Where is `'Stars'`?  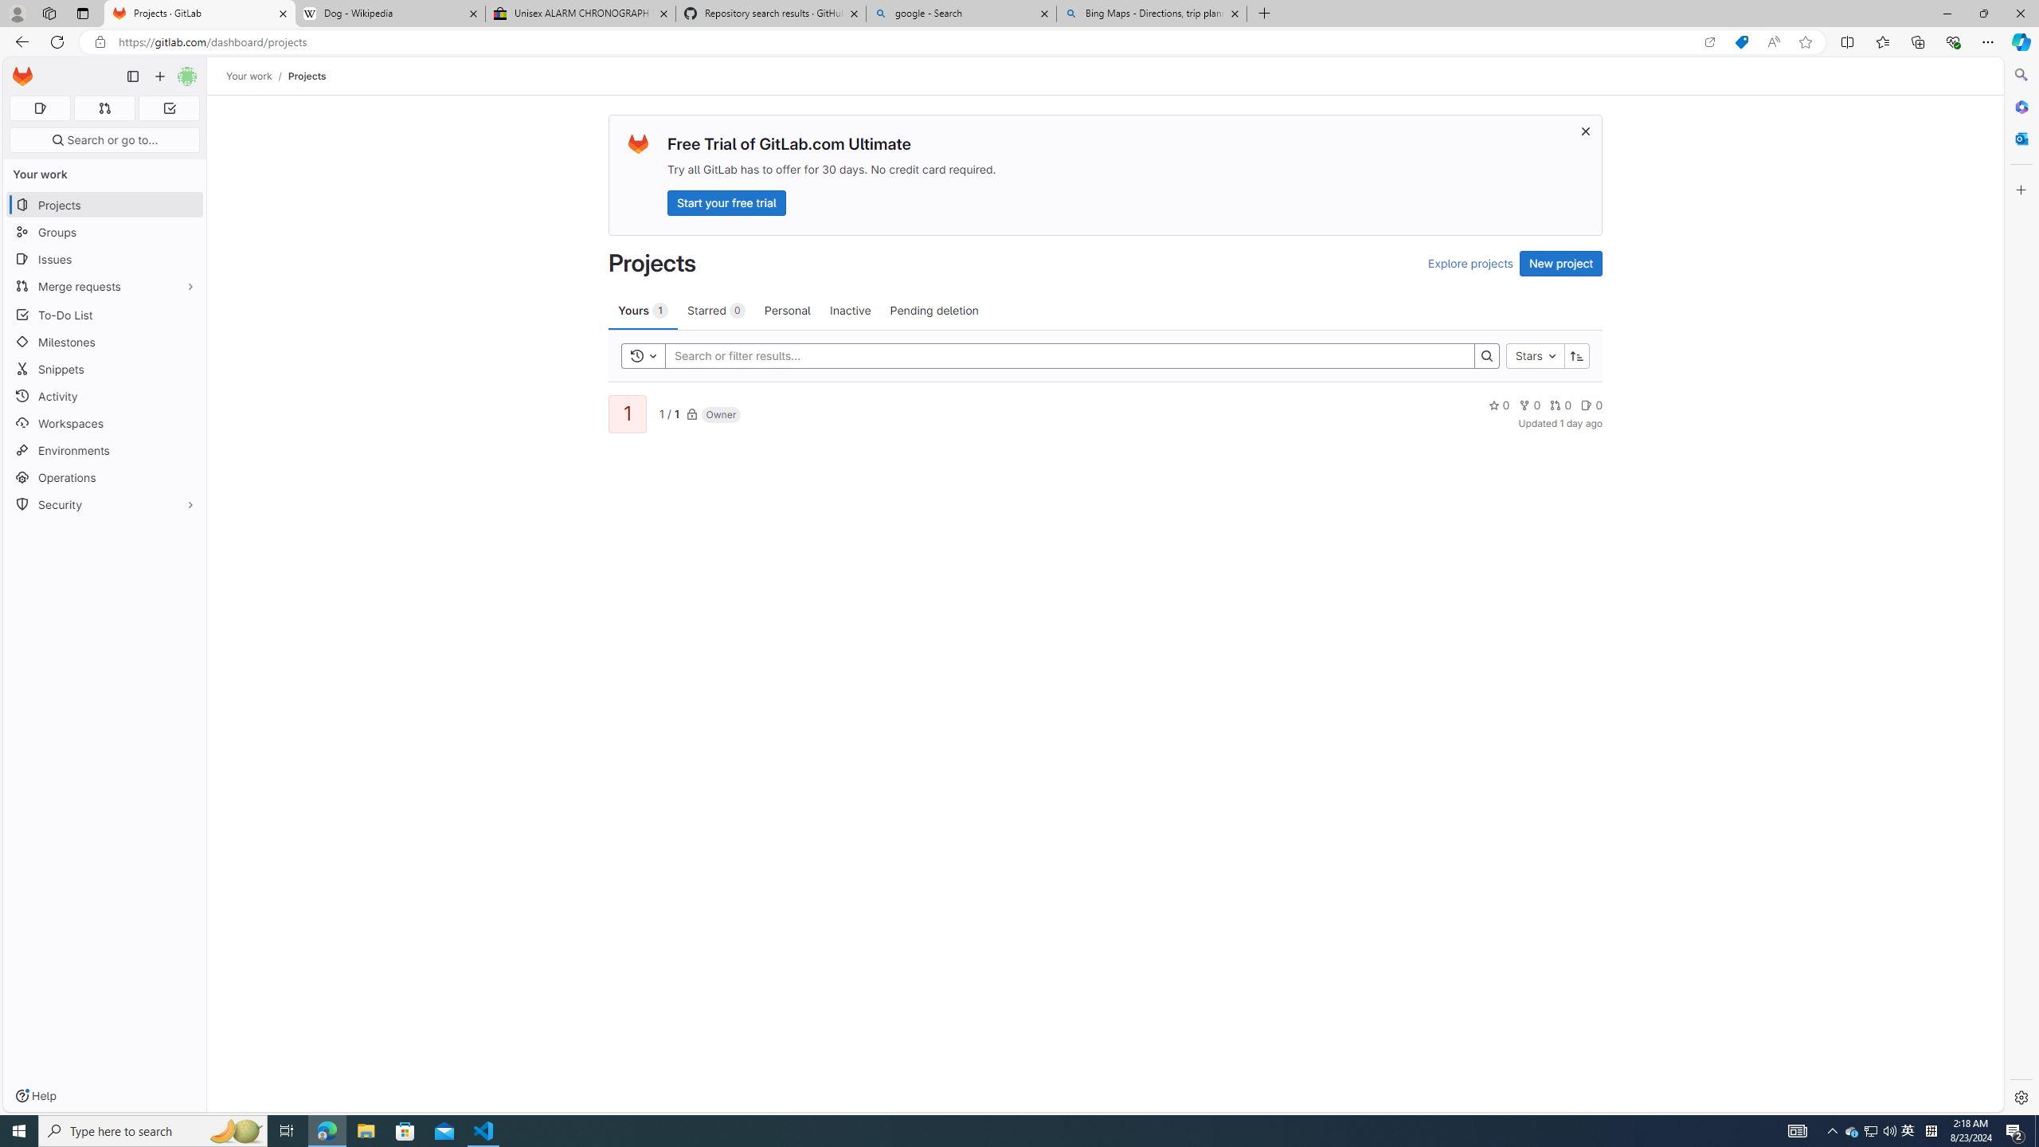
'Stars' is located at coordinates (1535, 356).